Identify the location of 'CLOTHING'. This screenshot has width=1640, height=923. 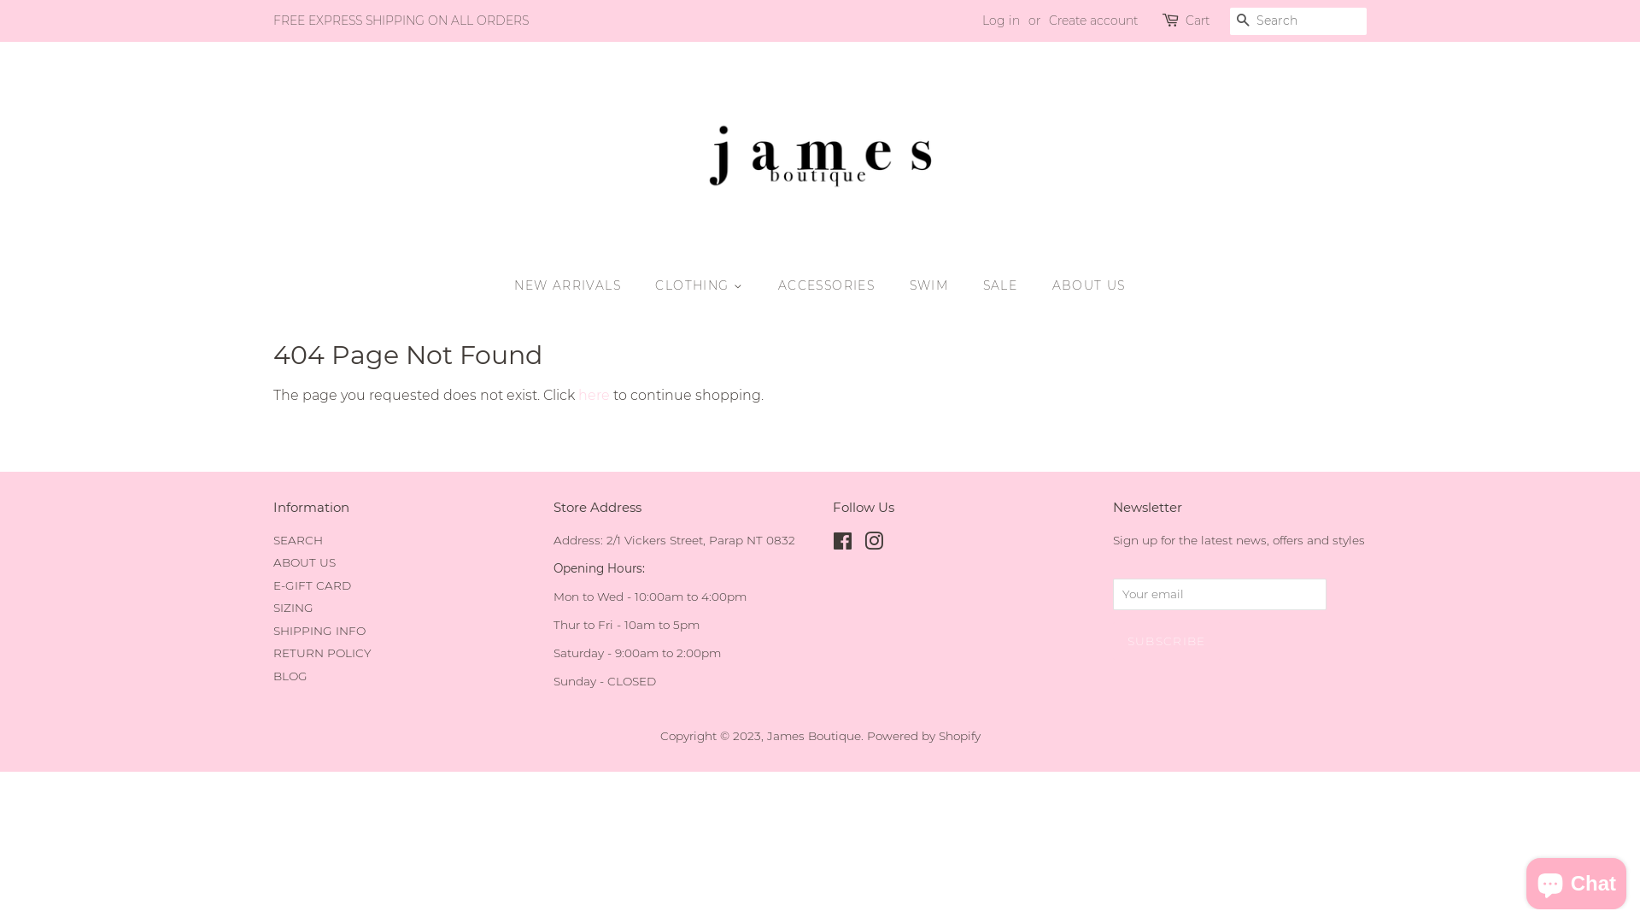
(700, 285).